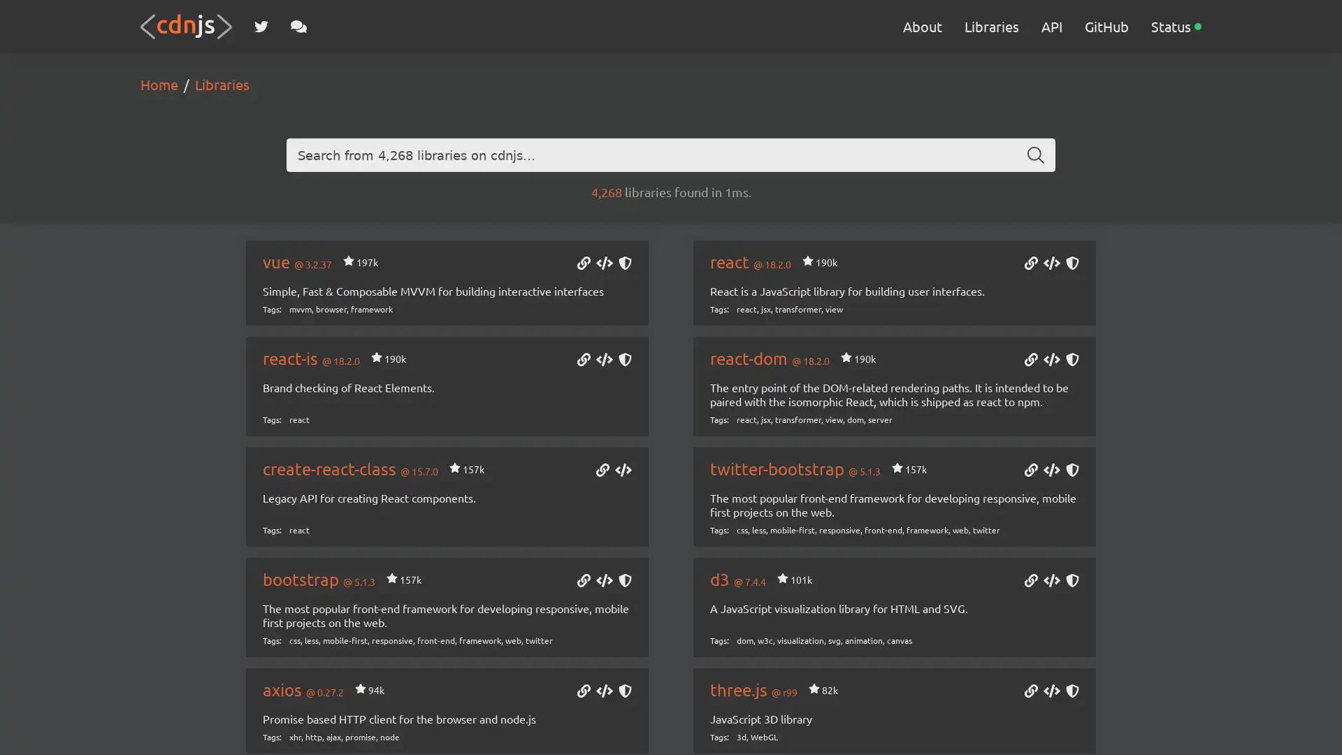 This screenshot has width=1342, height=755. Describe the element at coordinates (1036, 155) in the screenshot. I see `Search` at that location.